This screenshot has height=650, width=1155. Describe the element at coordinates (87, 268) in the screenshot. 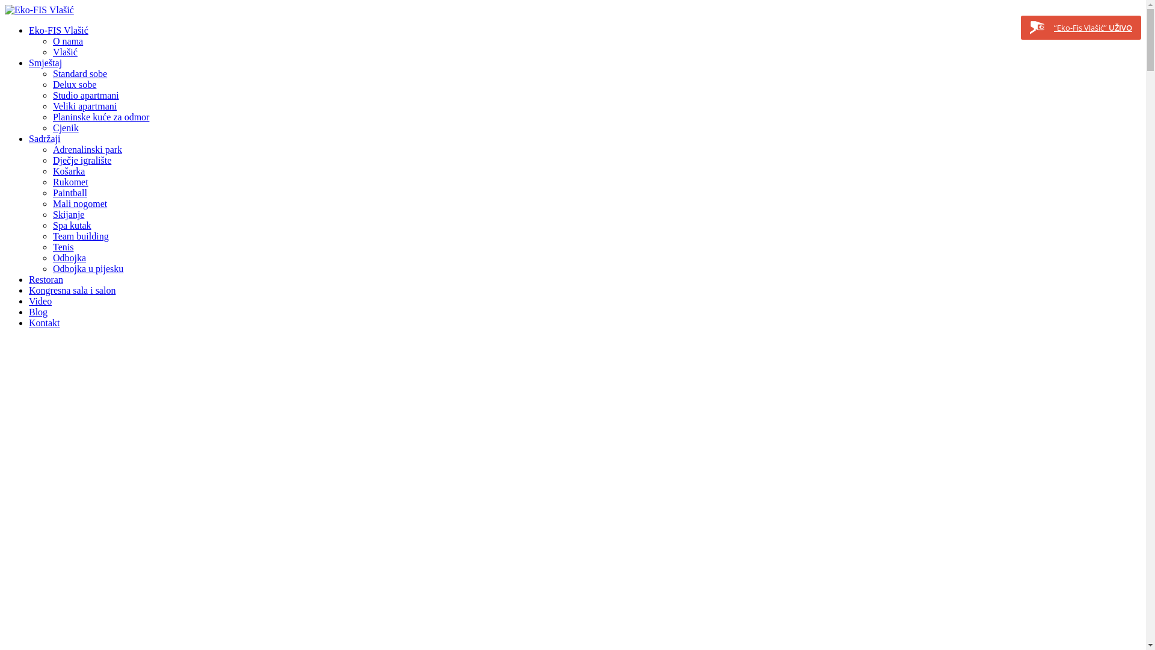

I see `'Odbojka u pijesku'` at that location.